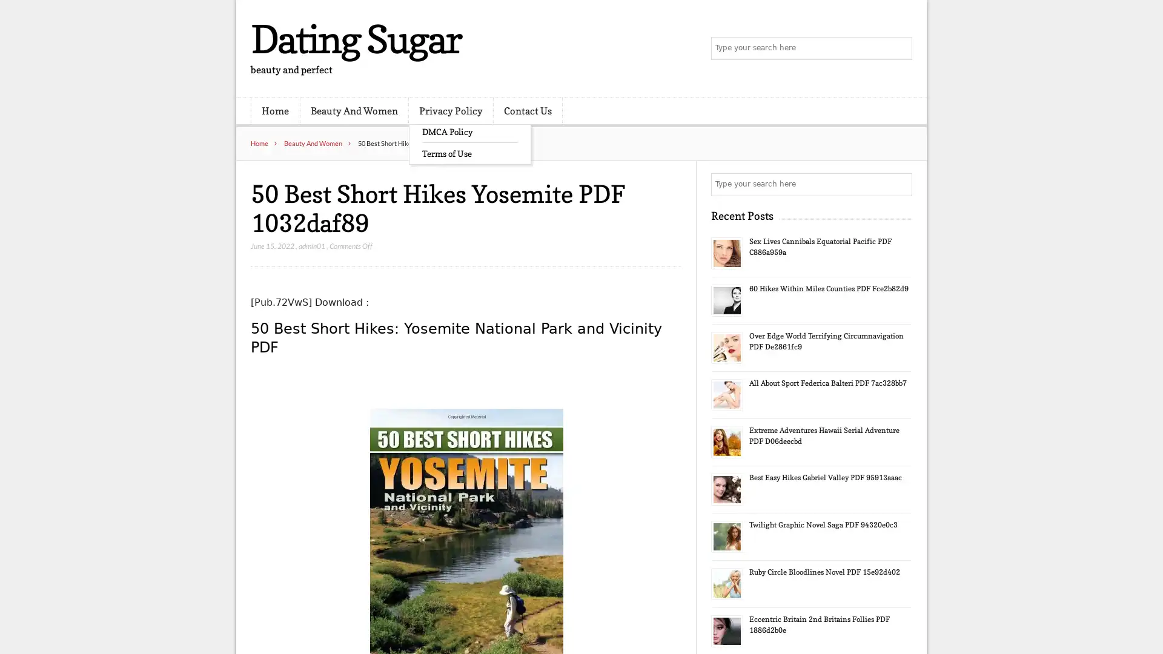  Describe the element at coordinates (900, 48) in the screenshot. I see `Search` at that location.